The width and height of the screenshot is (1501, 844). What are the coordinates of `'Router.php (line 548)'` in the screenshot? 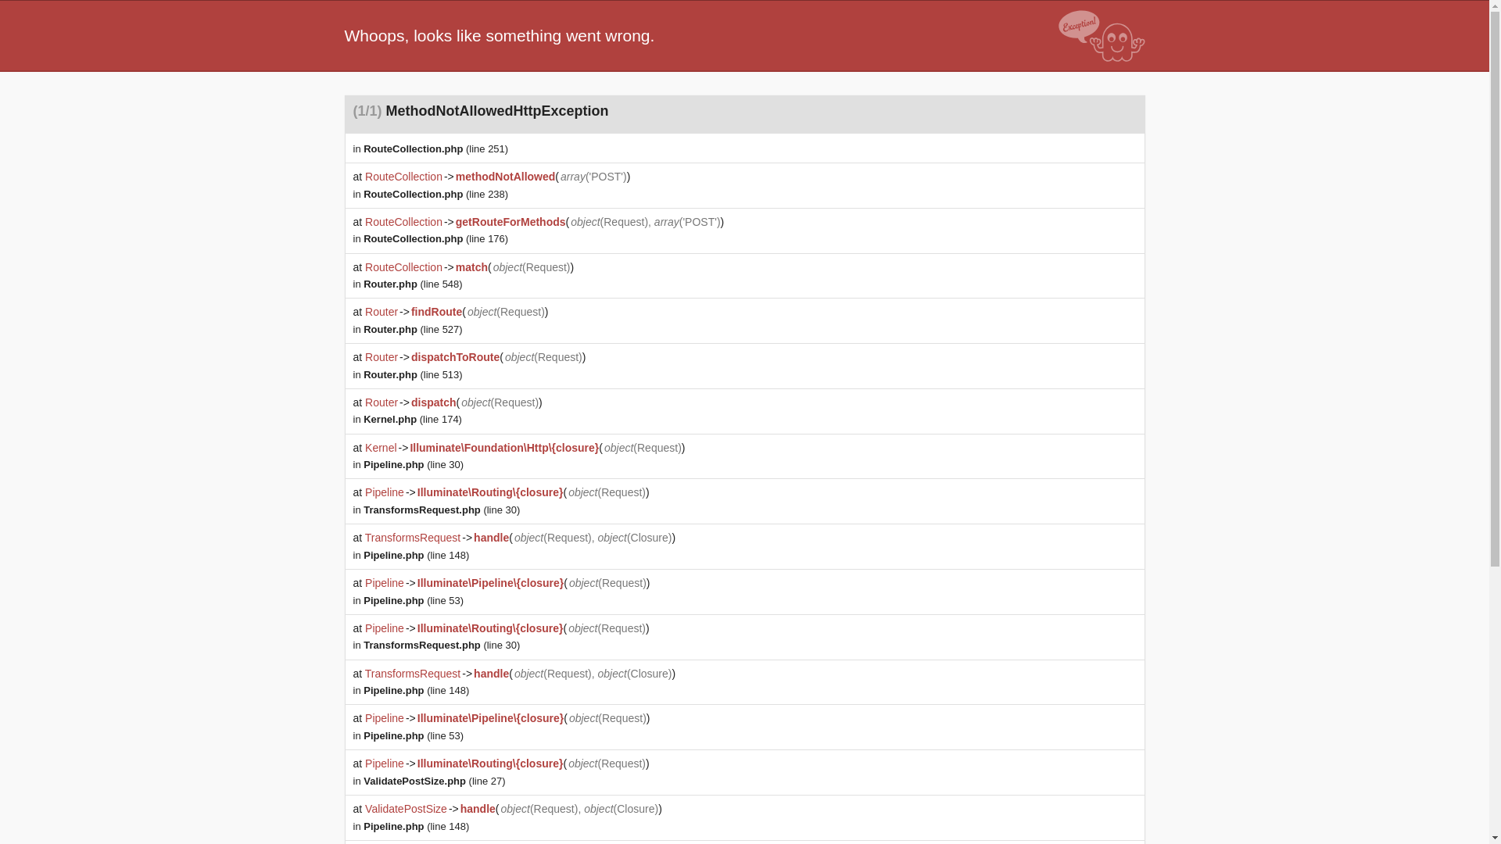 It's located at (363, 284).